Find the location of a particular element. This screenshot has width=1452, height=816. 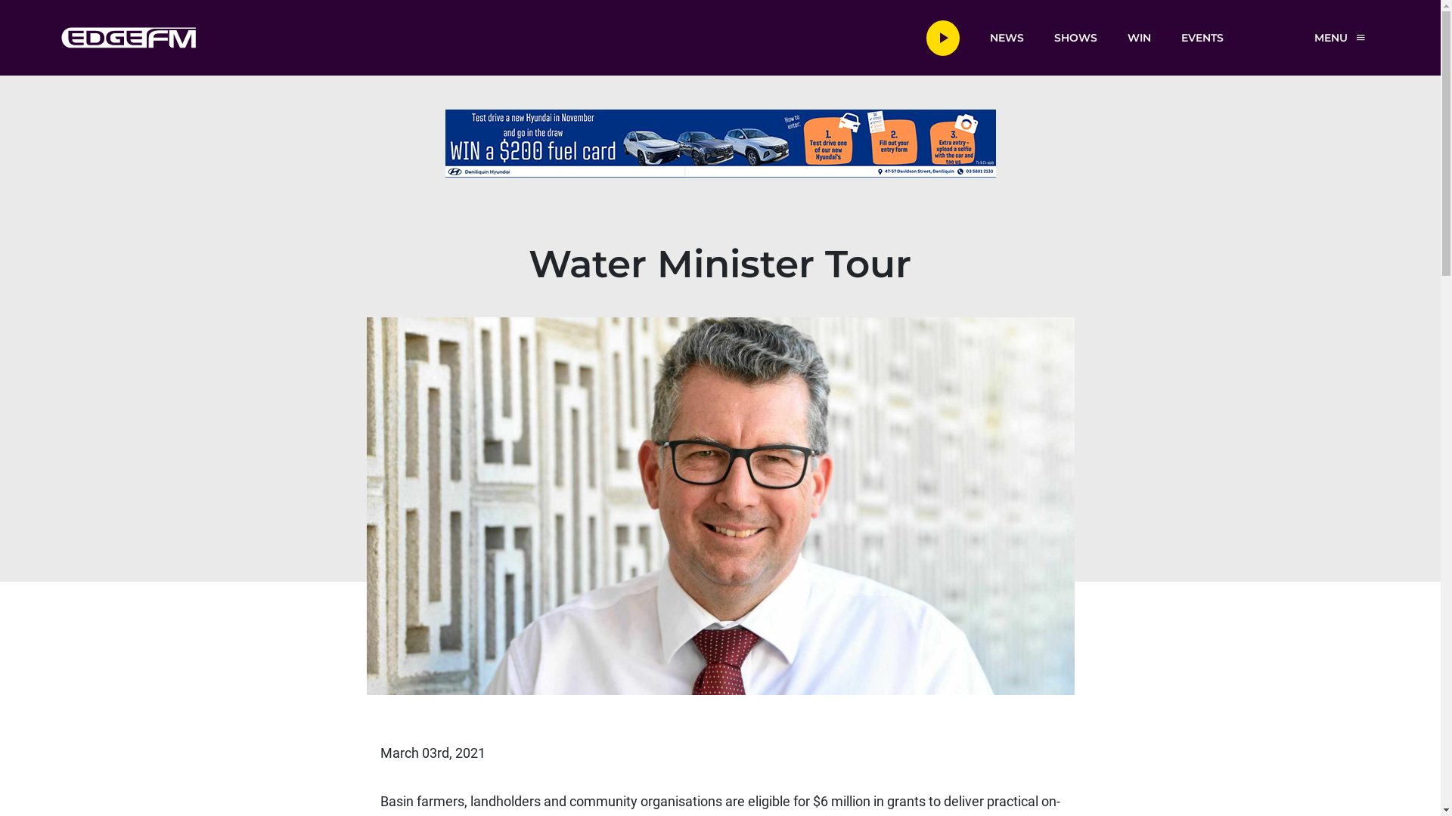

'NEWS' is located at coordinates (1006, 36).